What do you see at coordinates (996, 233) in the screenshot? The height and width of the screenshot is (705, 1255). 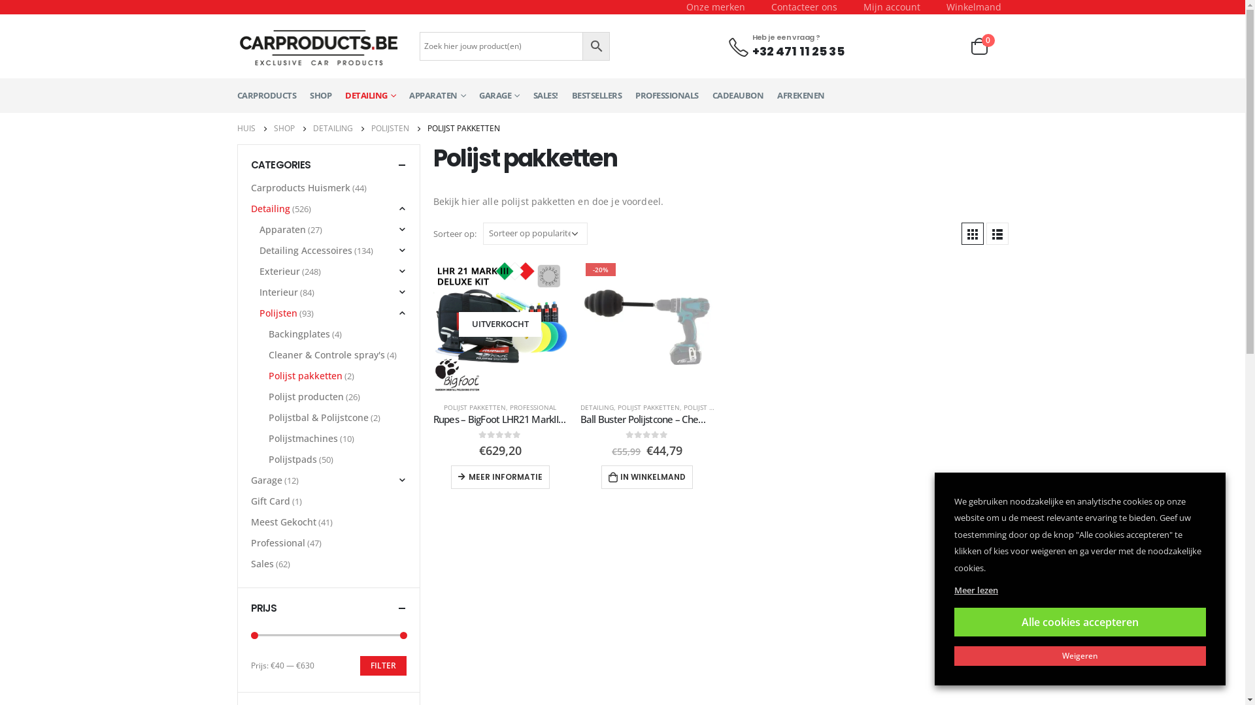 I see `'Lijstweergave'` at bounding box center [996, 233].